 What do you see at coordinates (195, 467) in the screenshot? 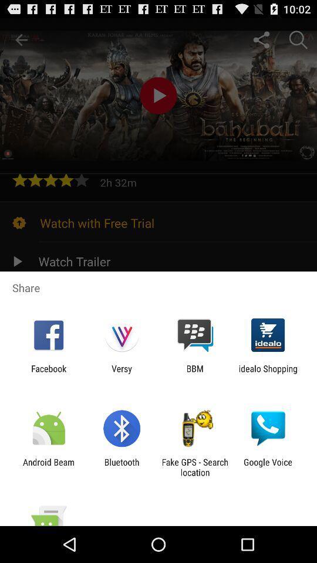
I see `fake gps search item` at bounding box center [195, 467].